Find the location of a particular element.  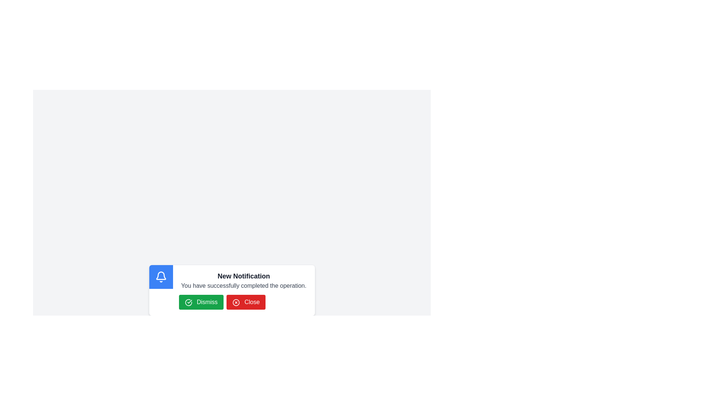

the close button in the notification box is located at coordinates (246, 302).